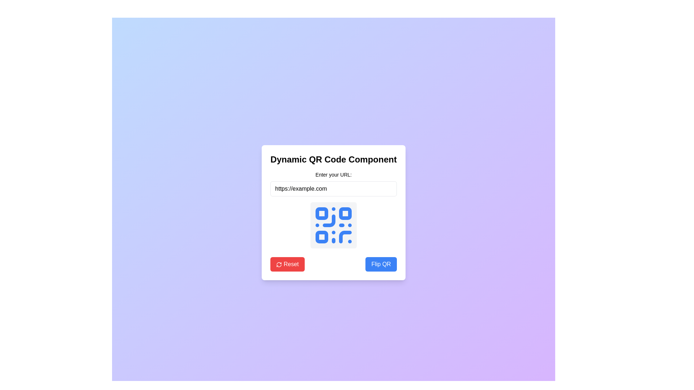 This screenshot has width=694, height=390. Describe the element at coordinates (381, 264) in the screenshot. I see `the button for flipping the QR code display, which is located to the right of the red 'Reset' button in the card footer section` at that location.